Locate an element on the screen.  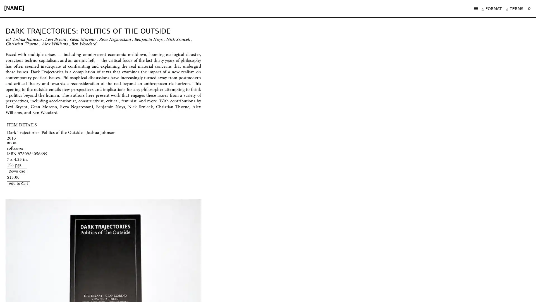
Add to Cart is located at coordinates (18, 183).